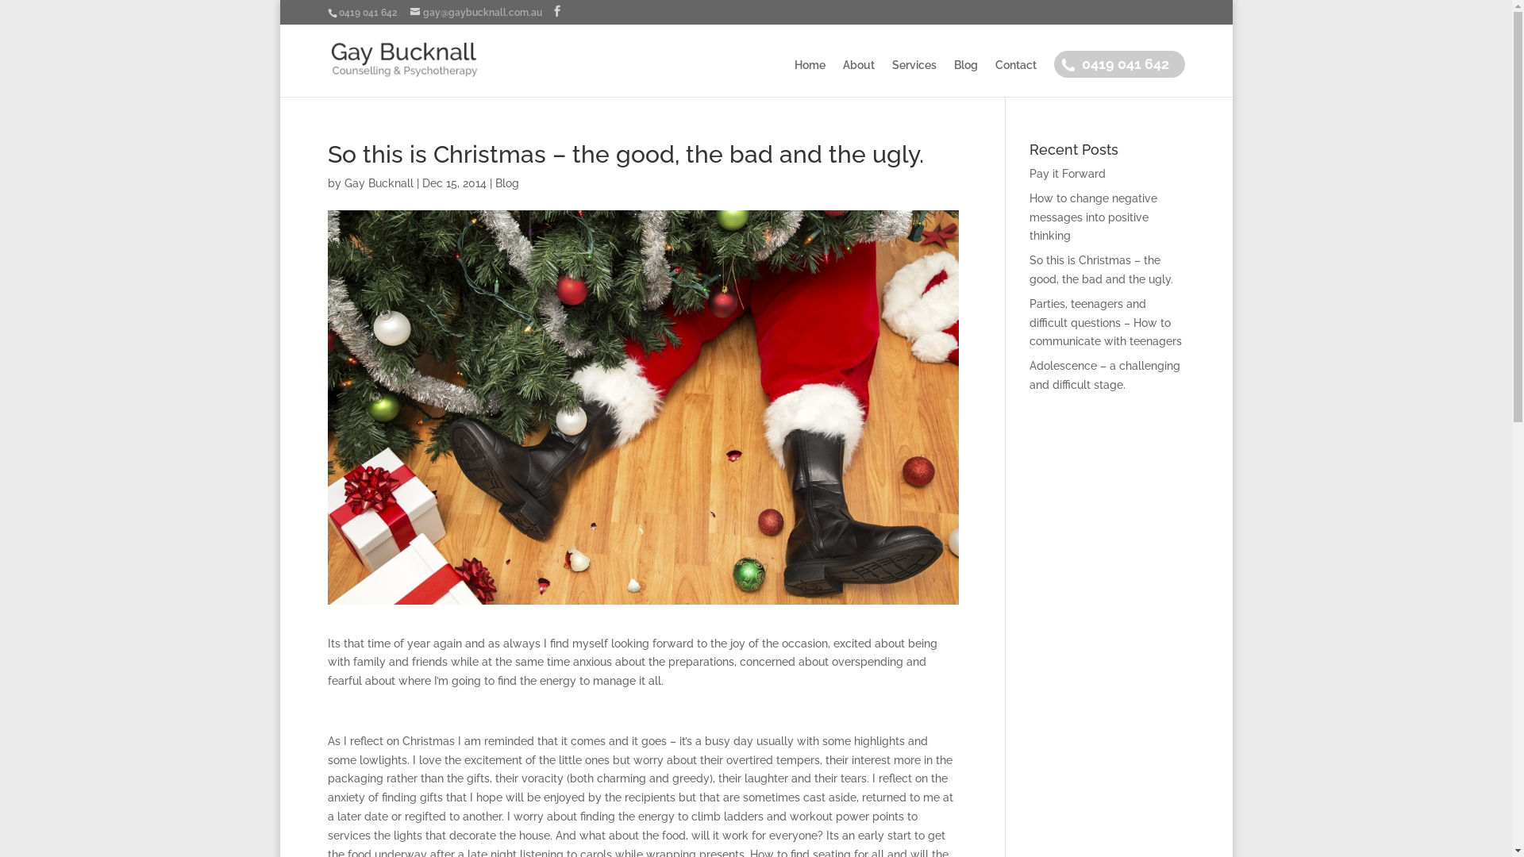 The height and width of the screenshot is (857, 1524). What do you see at coordinates (1016, 78) in the screenshot?
I see `'Contact'` at bounding box center [1016, 78].